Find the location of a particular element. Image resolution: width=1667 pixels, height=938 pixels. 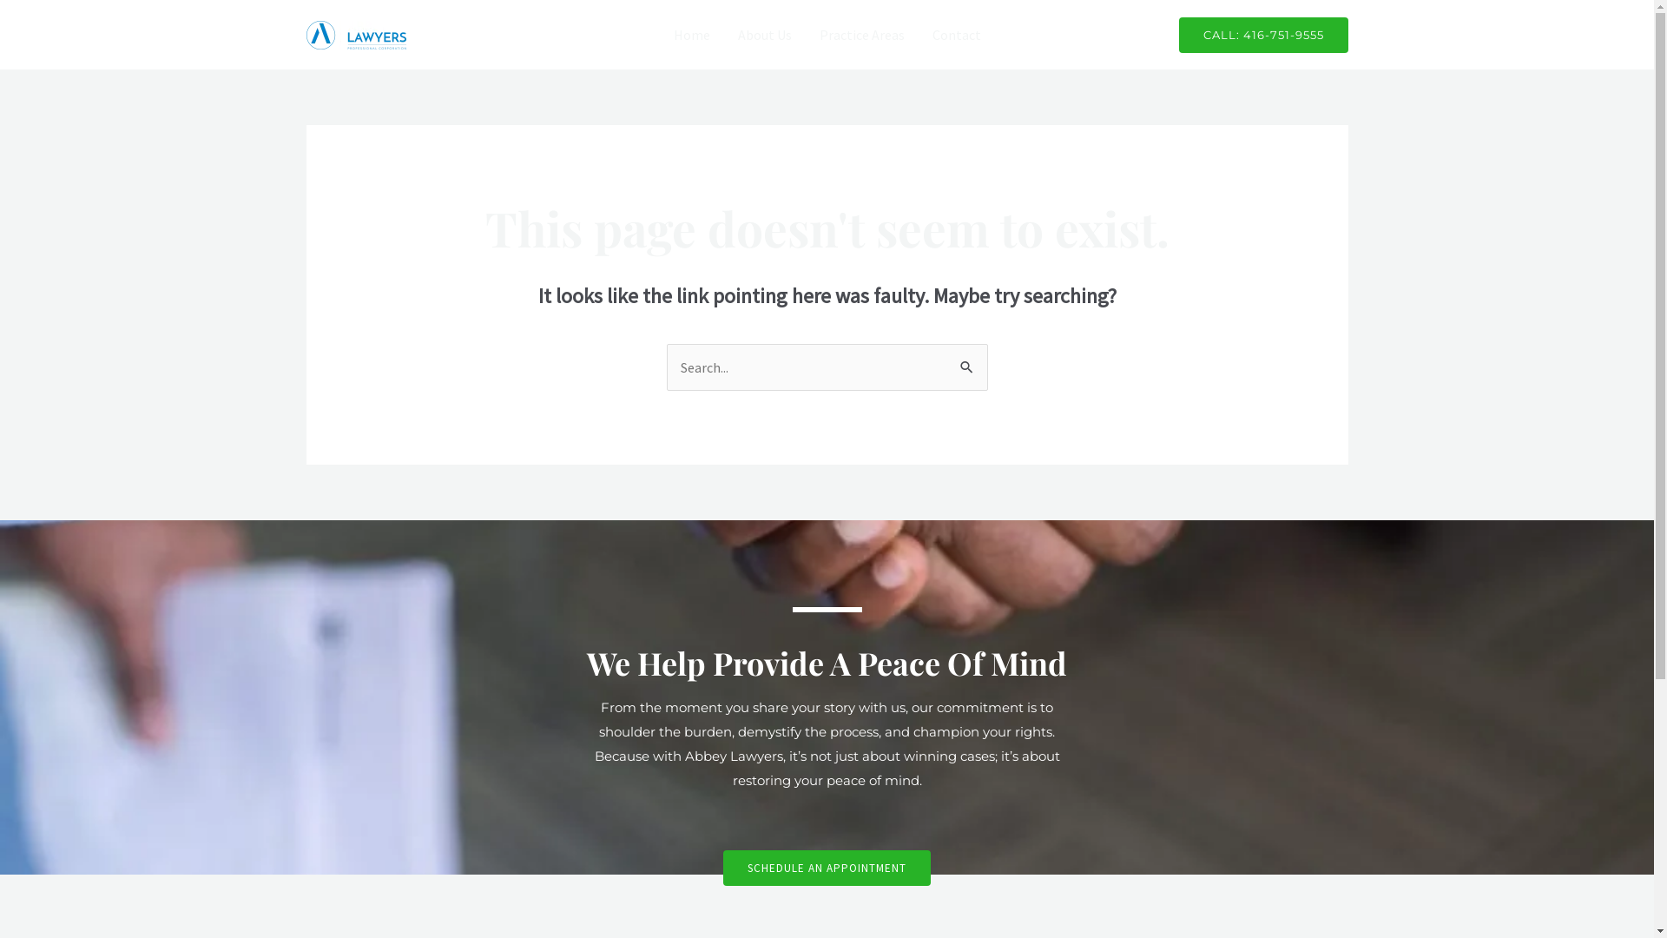

'Practice Areas' is located at coordinates (804, 34).